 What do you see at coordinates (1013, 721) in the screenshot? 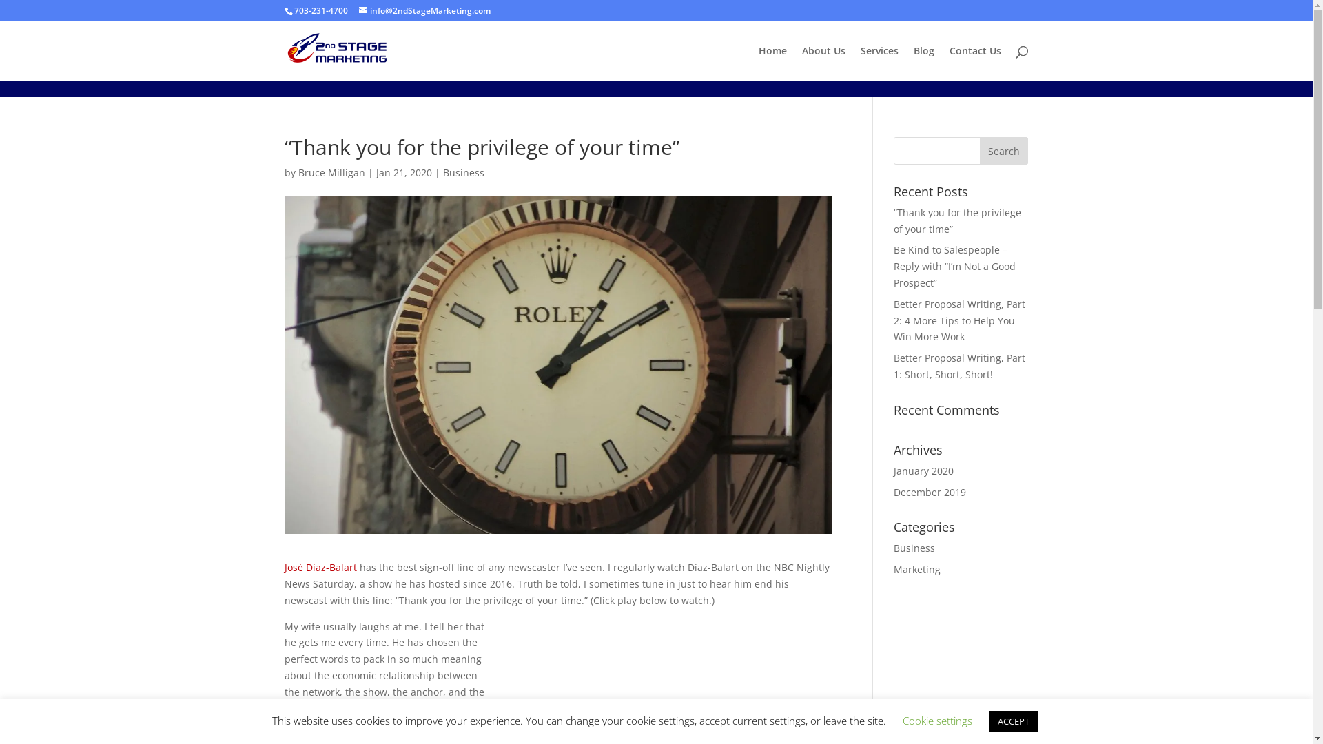
I see `'ACCEPT'` at bounding box center [1013, 721].